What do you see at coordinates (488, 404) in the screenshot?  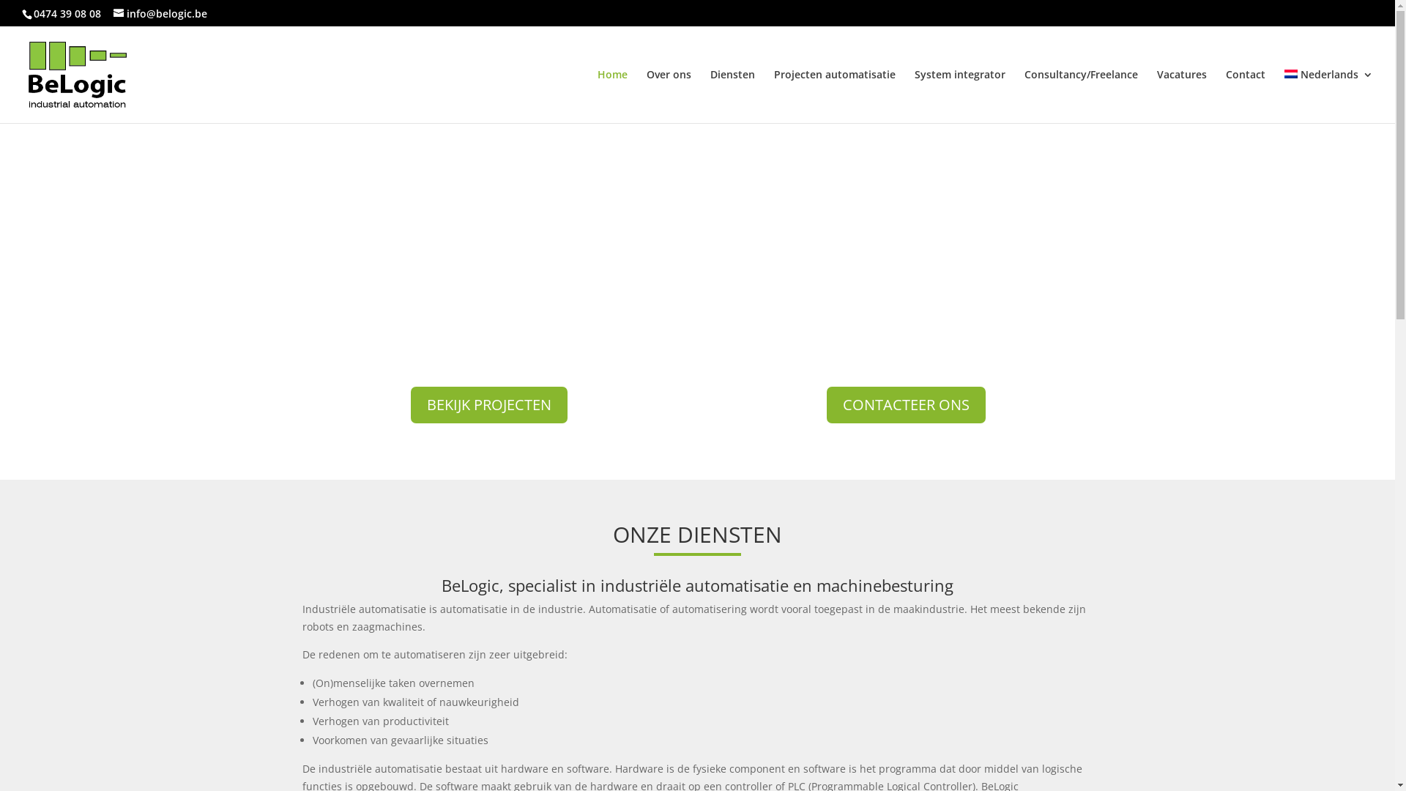 I see `'BEKIJK PROJECTEN'` at bounding box center [488, 404].